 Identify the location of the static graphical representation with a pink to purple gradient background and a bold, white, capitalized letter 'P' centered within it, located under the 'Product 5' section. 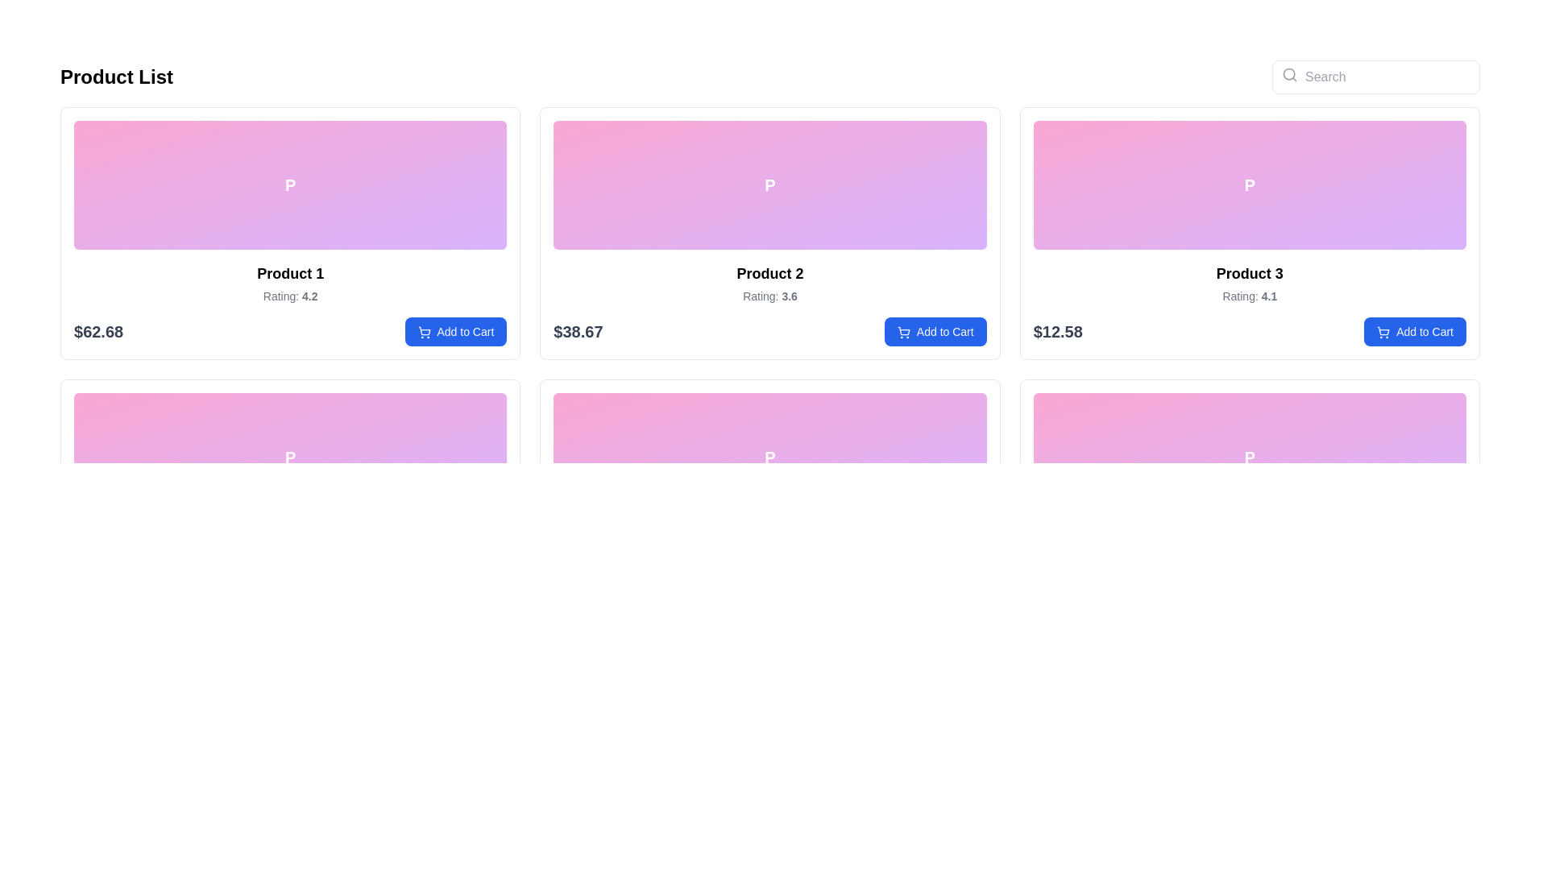
(769, 457).